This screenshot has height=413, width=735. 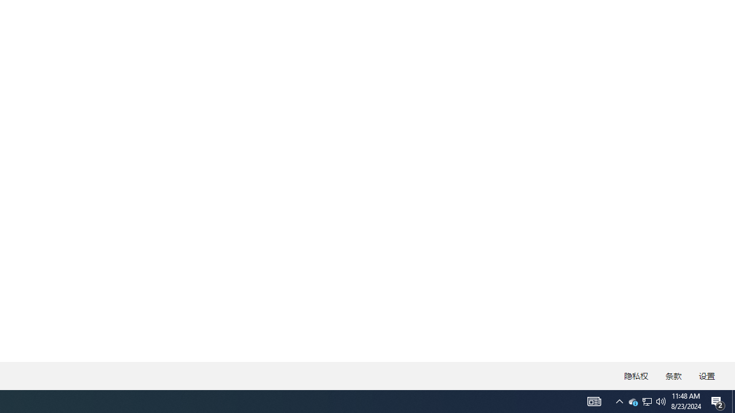 I want to click on 'Show desktop', so click(x=733, y=400).